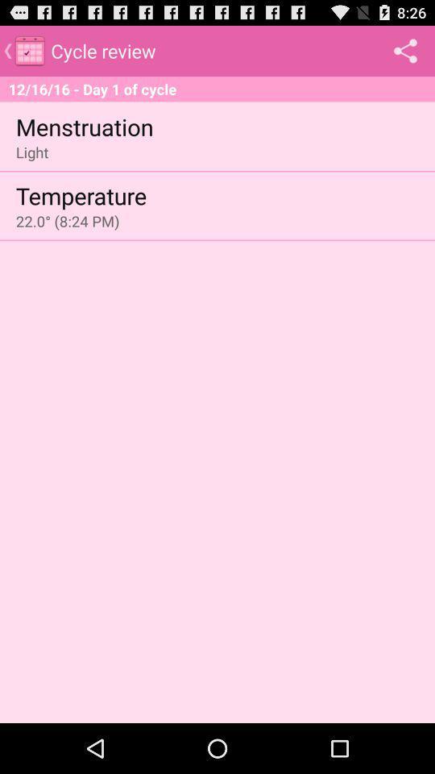  Describe the element at coordinates (404, 50) in the screenshot. I see `the app above the 12 16 16 item` at that location.